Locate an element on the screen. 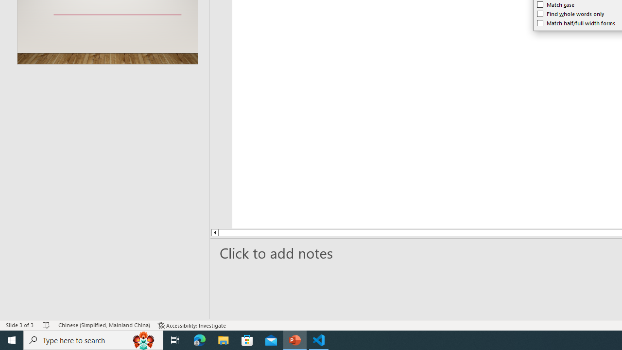 This screenshot has height=350, width=622. 'Accessibility Checker Accessibility: Investigate' is located at coordinates (192, 325).